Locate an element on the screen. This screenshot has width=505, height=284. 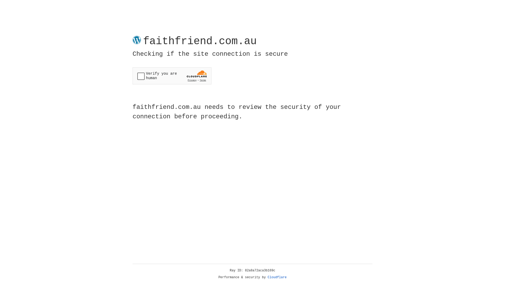
'Cloudflare' is located at coordinates (277, 277).